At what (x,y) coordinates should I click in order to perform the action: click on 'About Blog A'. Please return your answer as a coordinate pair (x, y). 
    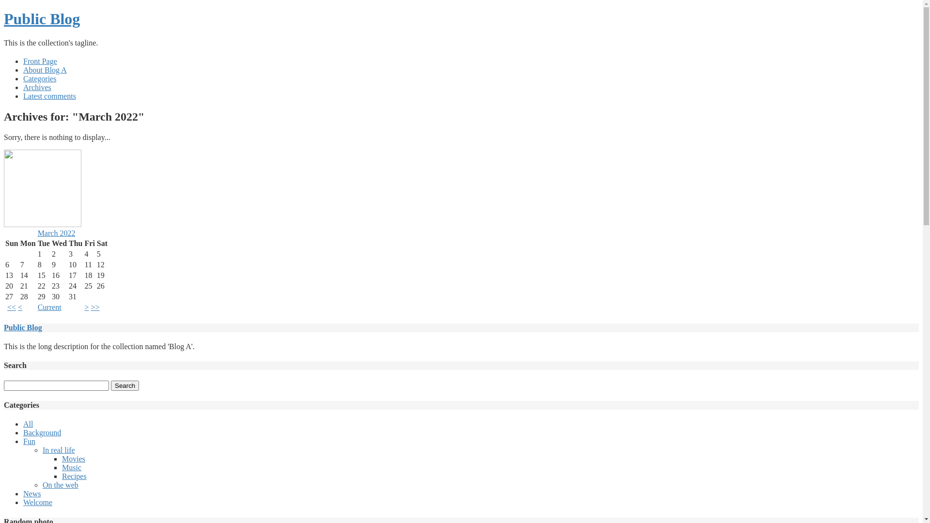
    Looking at the image, I should click on (44, 69).